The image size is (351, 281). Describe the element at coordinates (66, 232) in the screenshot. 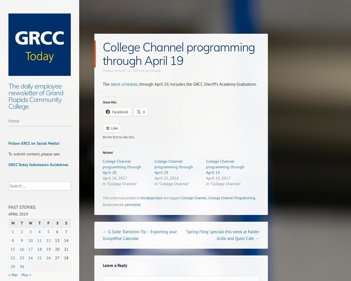

I see `'7'` at that location.